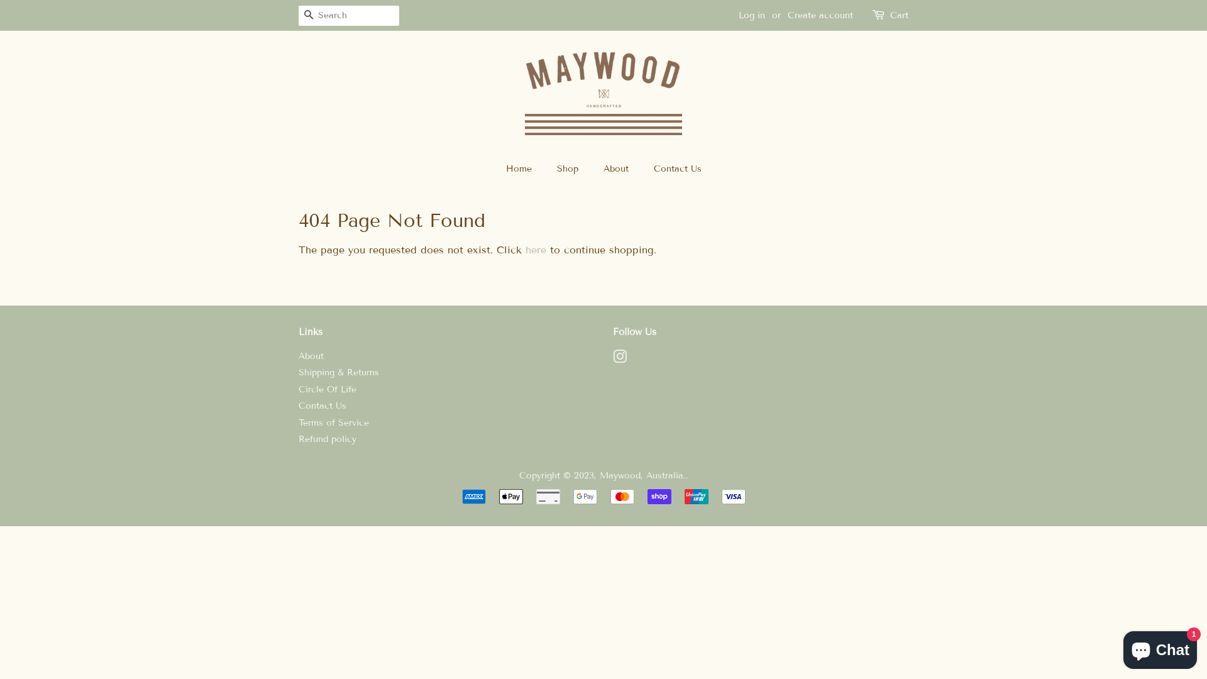 This screenshot has width=1207, height=679. Describe the element at coordinates (328, 389) in the screenshot. I see `'Circle Of Life'` at that location.